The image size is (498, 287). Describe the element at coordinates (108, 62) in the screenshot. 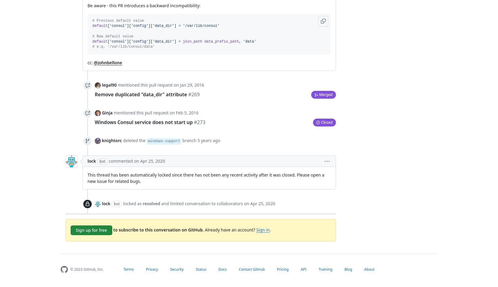

I see `'@johnbellone'` at that location.